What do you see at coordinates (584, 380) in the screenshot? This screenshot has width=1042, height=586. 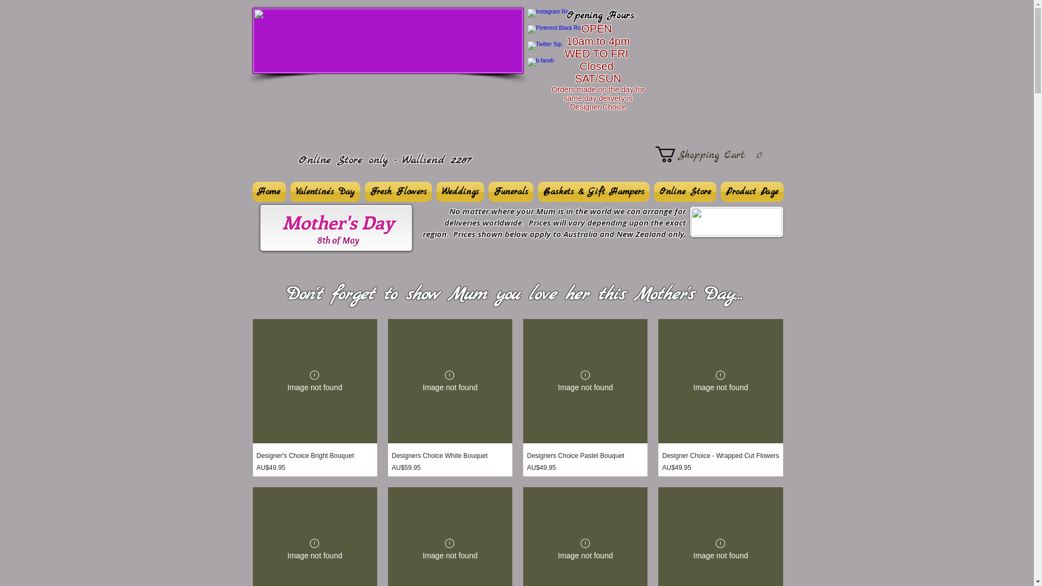 I see `'Designers Choice Pastel Bouquet` at bounding box center [584, 380].